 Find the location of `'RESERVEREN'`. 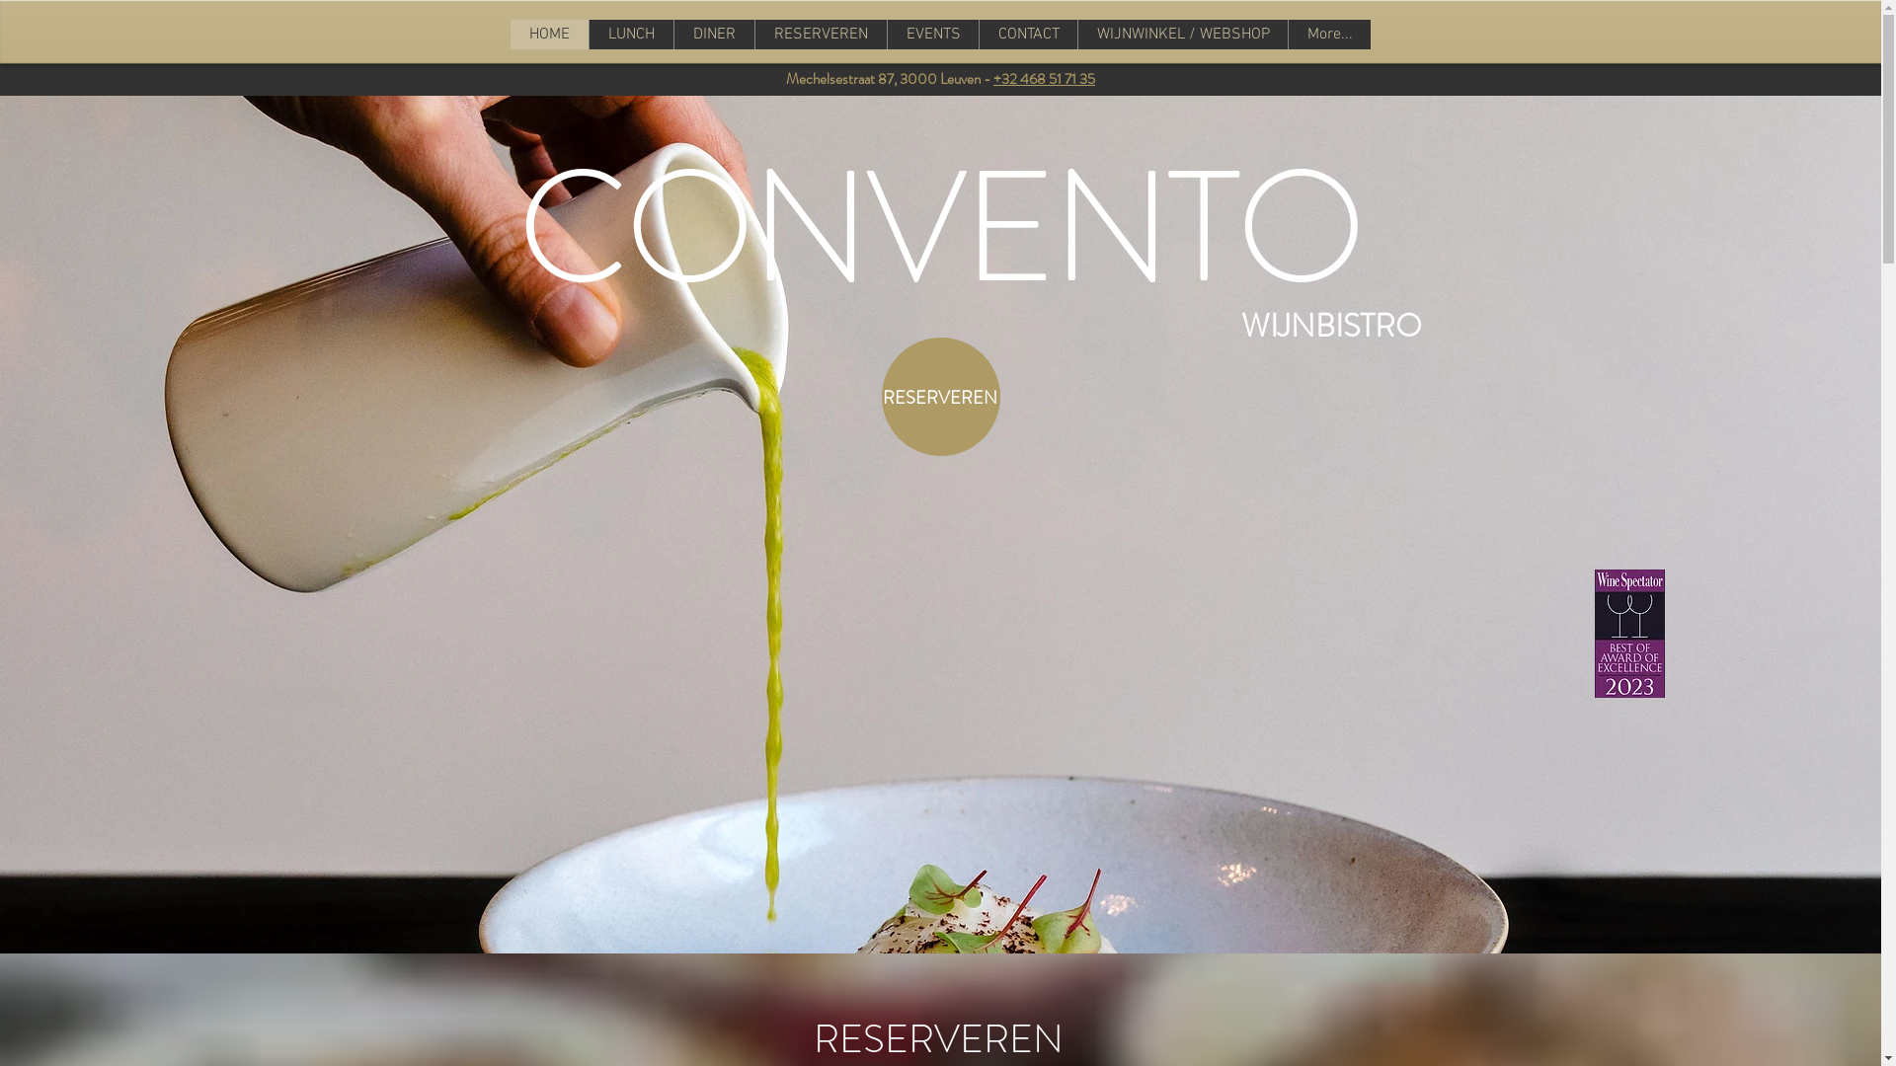

'RESERVEREN' is located at coordinates (838, 34).